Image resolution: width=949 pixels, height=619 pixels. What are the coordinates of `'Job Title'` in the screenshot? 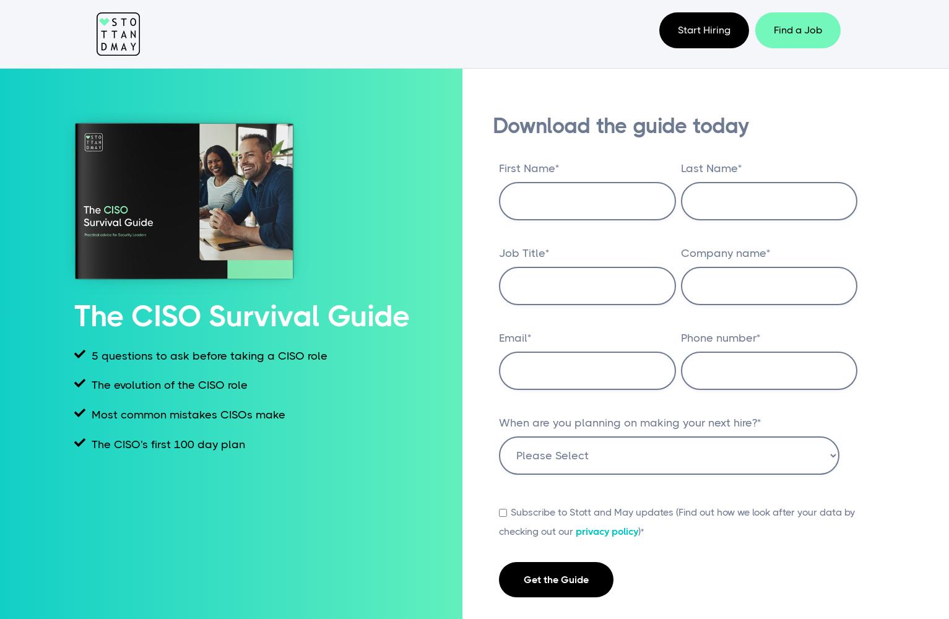 It's located at (521, 253).